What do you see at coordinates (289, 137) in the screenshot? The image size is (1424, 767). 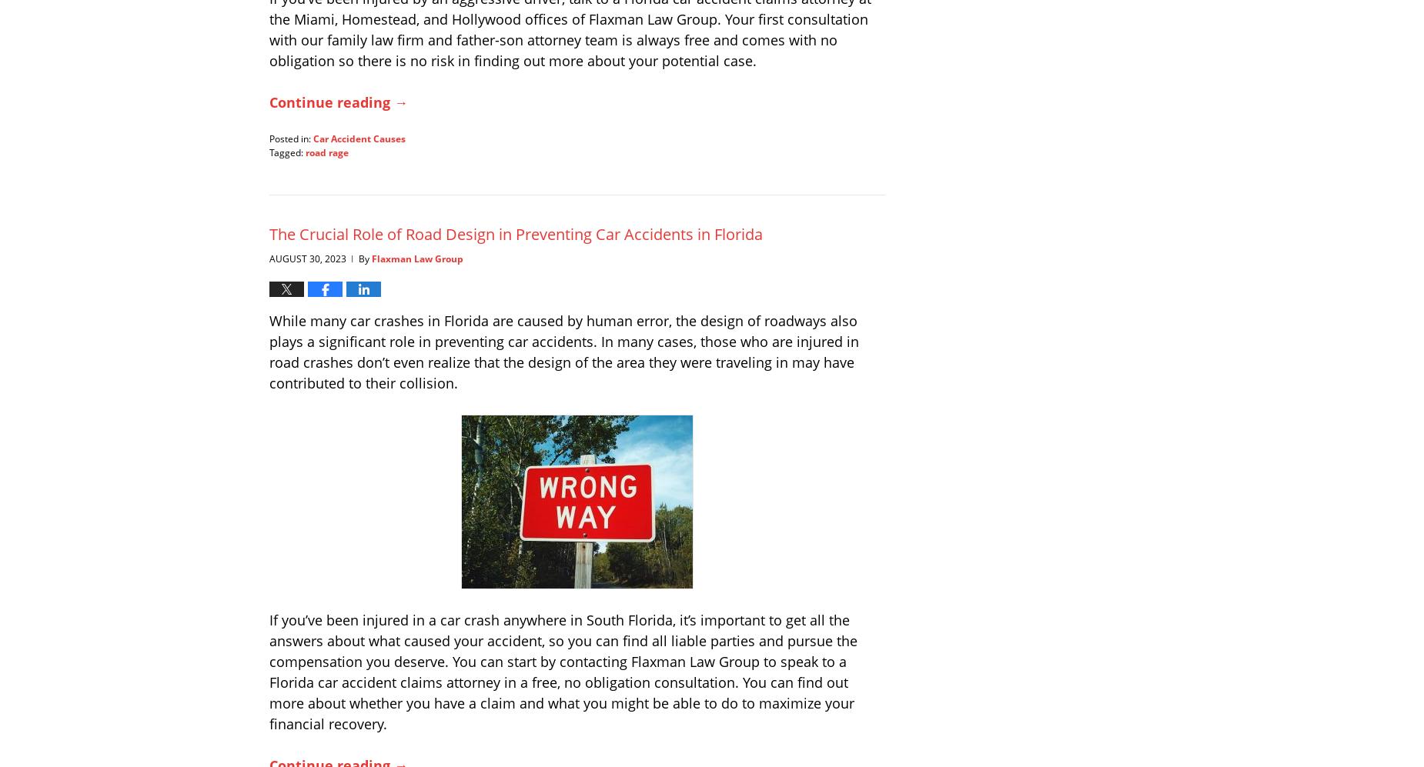 I see `'Posted in:'` at bounding box center [289, 137].